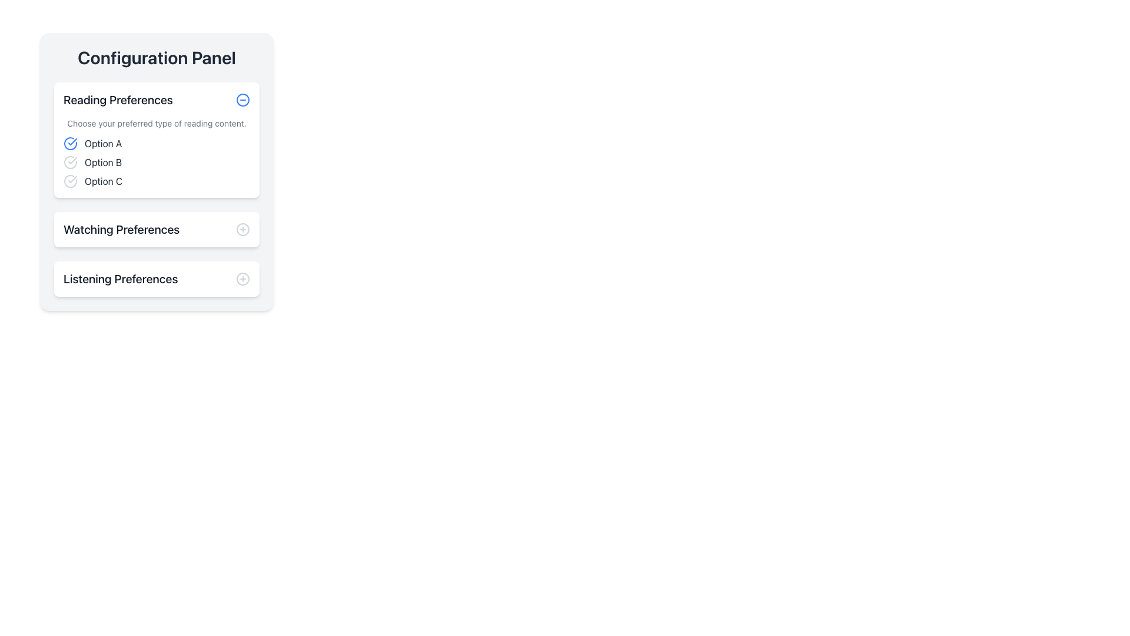  What do you see at coordinates (156, 140) in the screenshot?
I see `the first card in the 'Reading Preferences' section` at bounding box center [156, 140].